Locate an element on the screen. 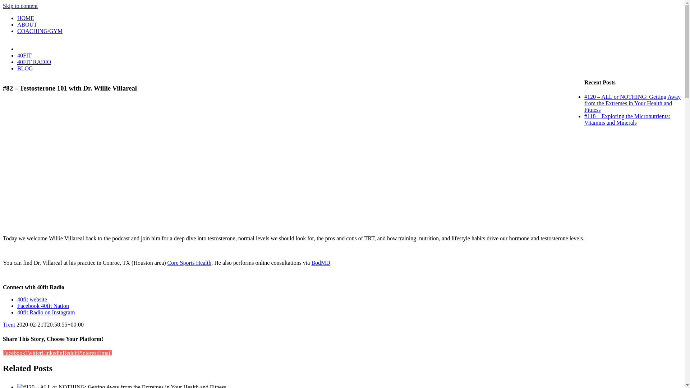  'HOME' is located at coordinates (17, 18).